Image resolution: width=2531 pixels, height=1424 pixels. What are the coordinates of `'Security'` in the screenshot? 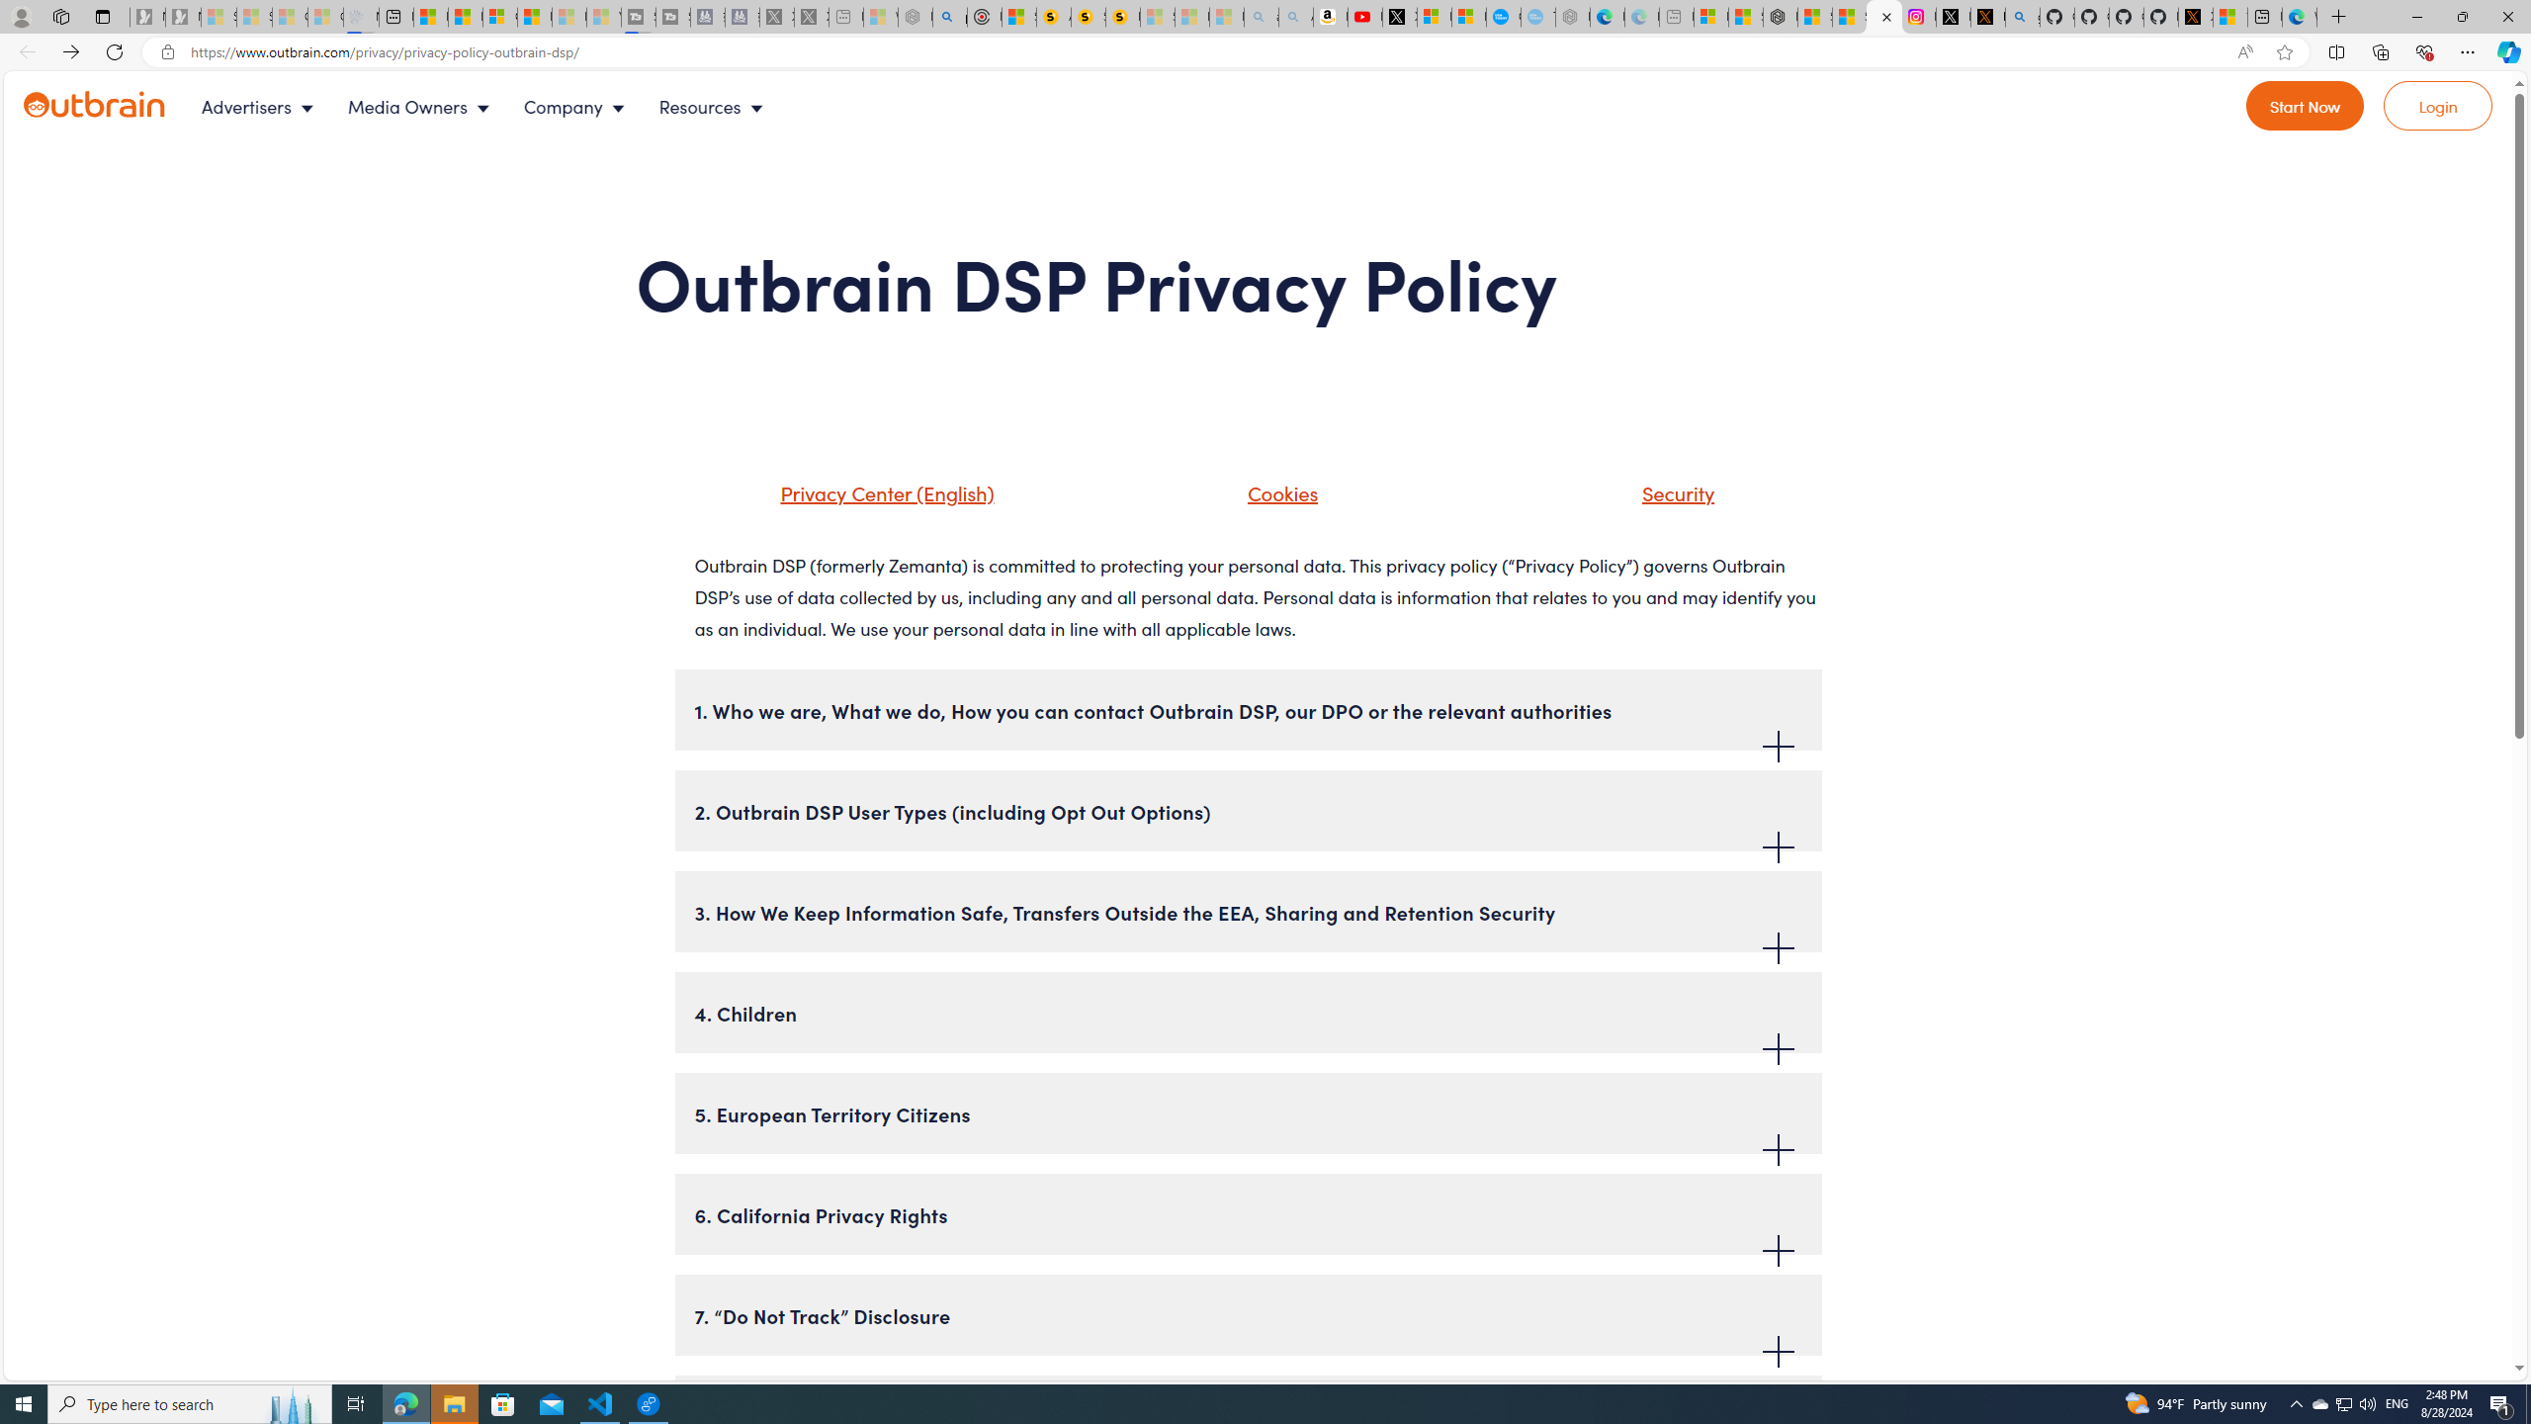 It's located at (1652, 499).